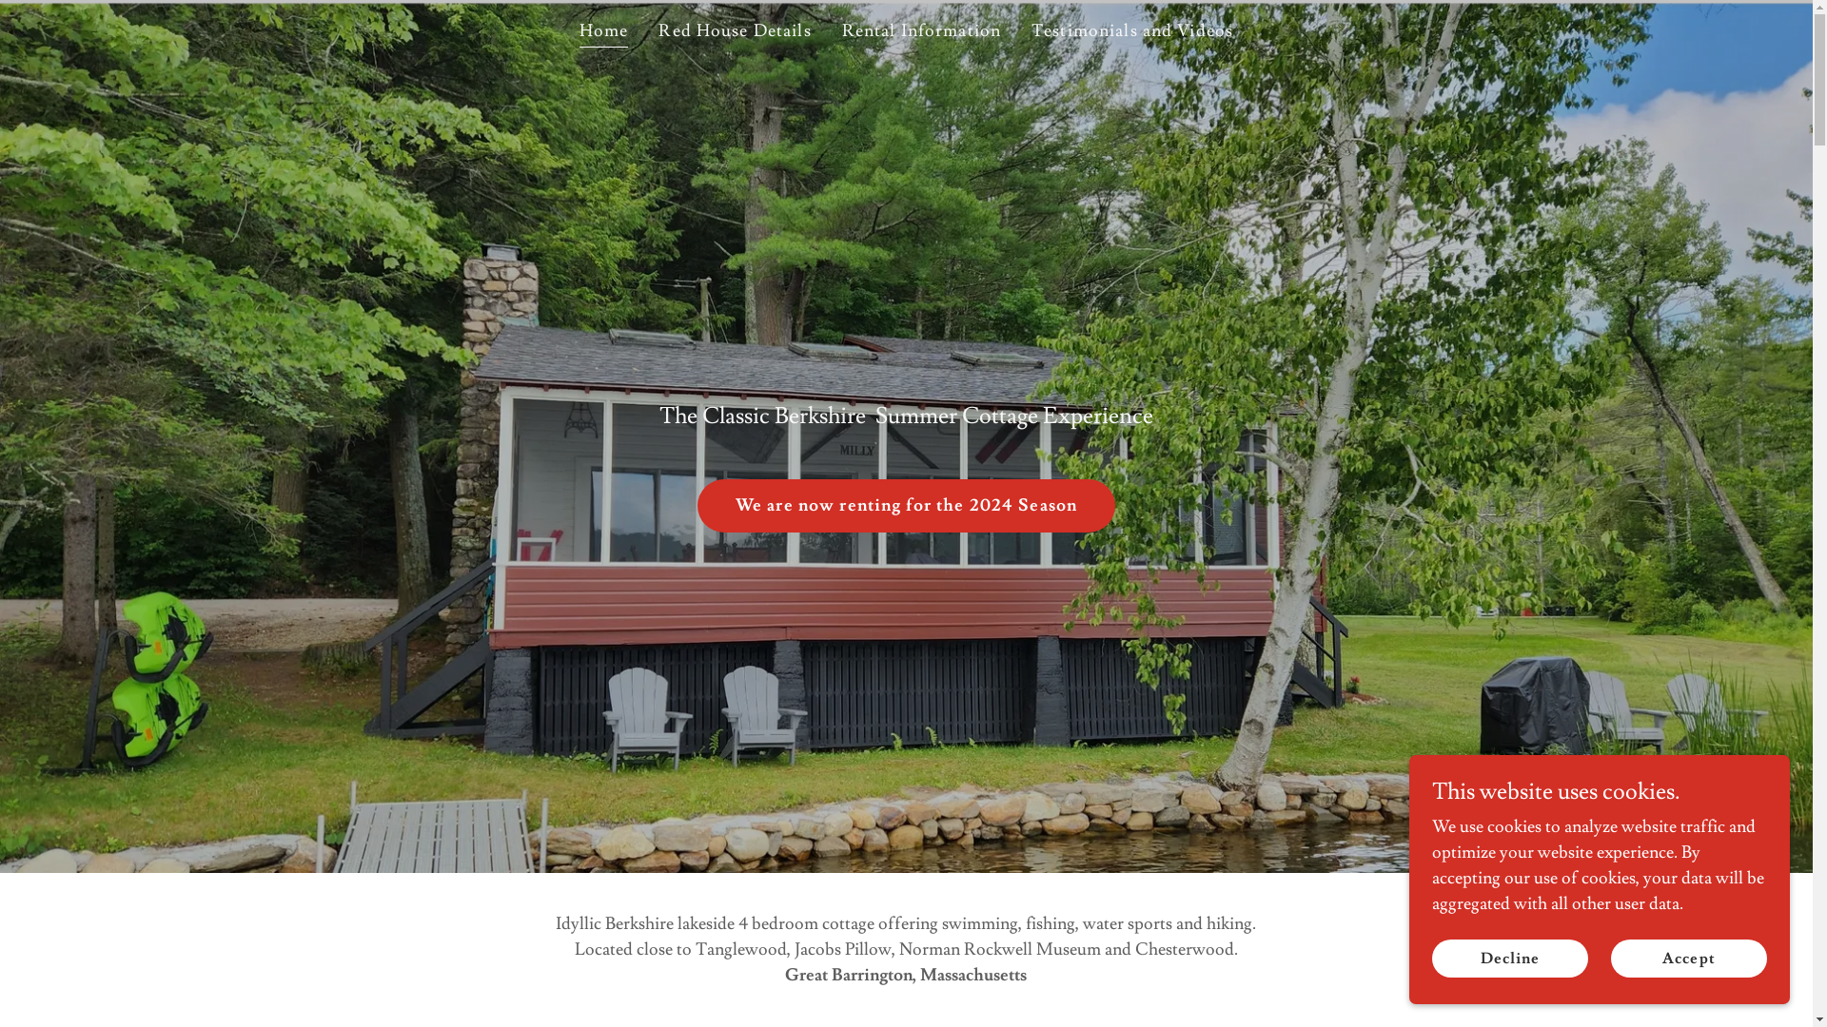 This screenshot has width=1827, height=1027. What do you see at coordinates (1689, 958) in the screenshot?
I see `'Accept'` at bounding box center [1689, 958].